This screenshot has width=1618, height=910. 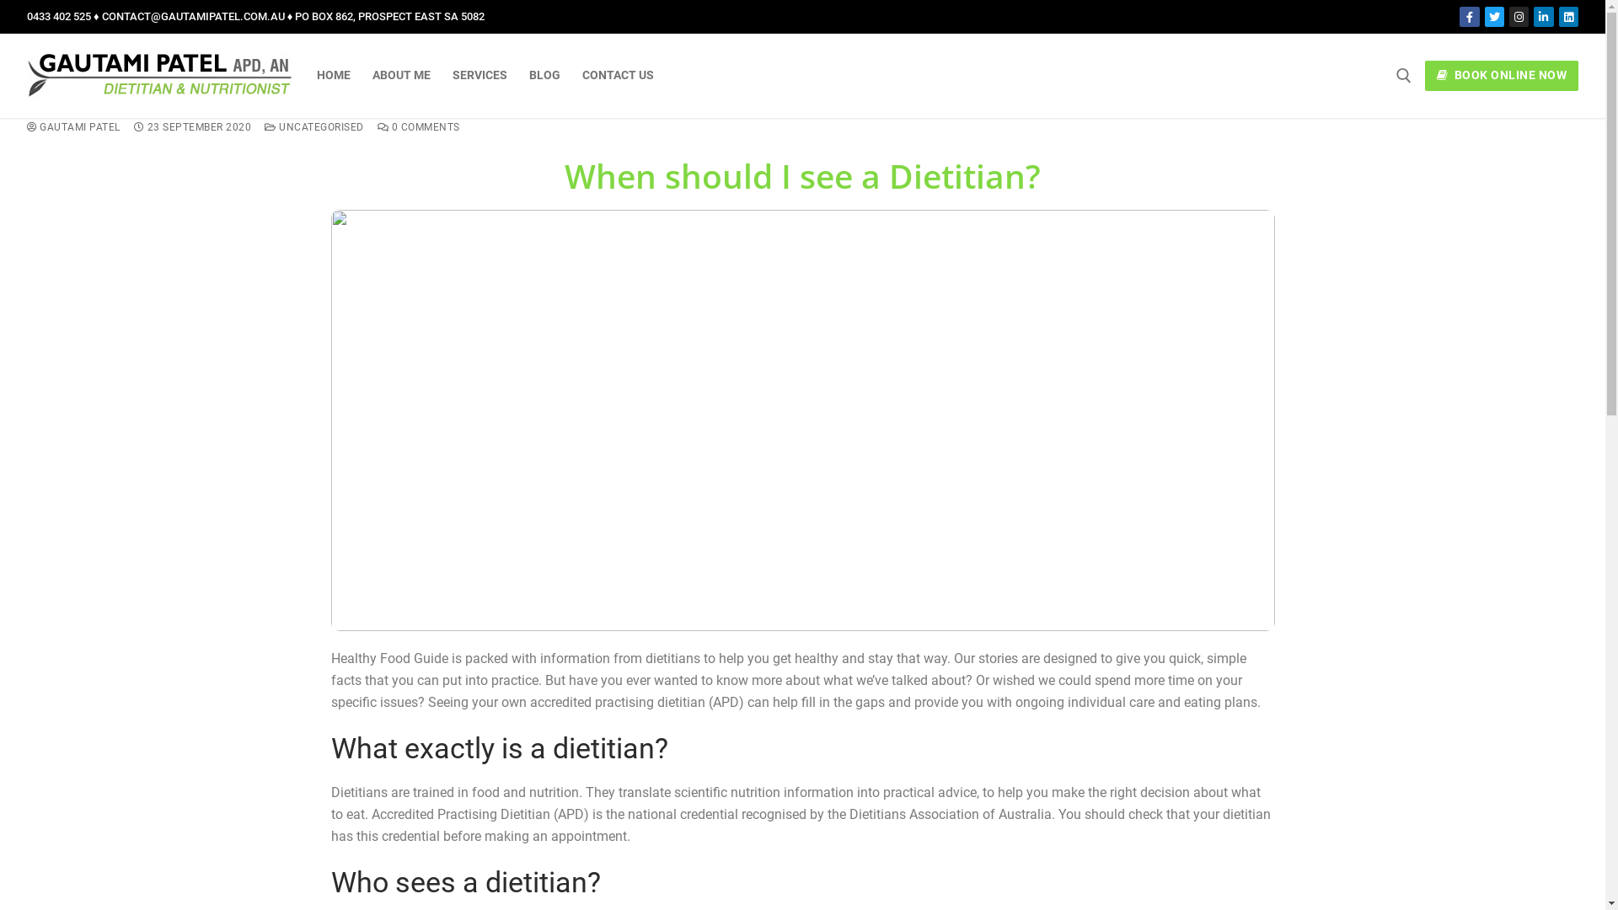 What do you see at coordinates (191, 126) in the screenshot?
I see `'23 SEPTEMBER 2020'` at bounding box center [191, 126].